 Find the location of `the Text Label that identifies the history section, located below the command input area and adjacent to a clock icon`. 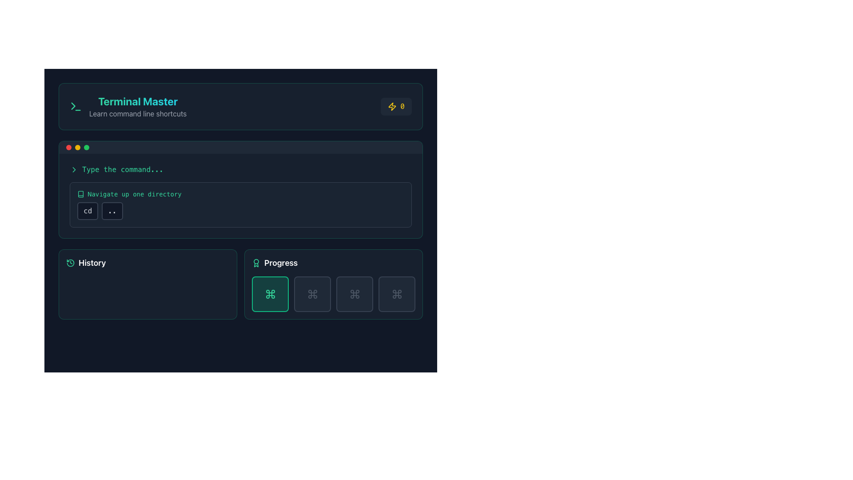

the Text Label that identifies the history section, located below the command input area and adjacent to a clock icon is located at coordinates (92, 262).